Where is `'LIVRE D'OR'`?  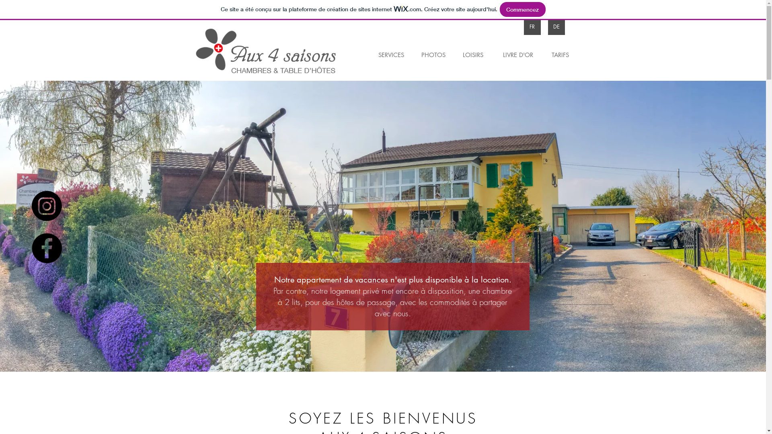 'LIVRE D'OR' is located at coordinates (518, 54).